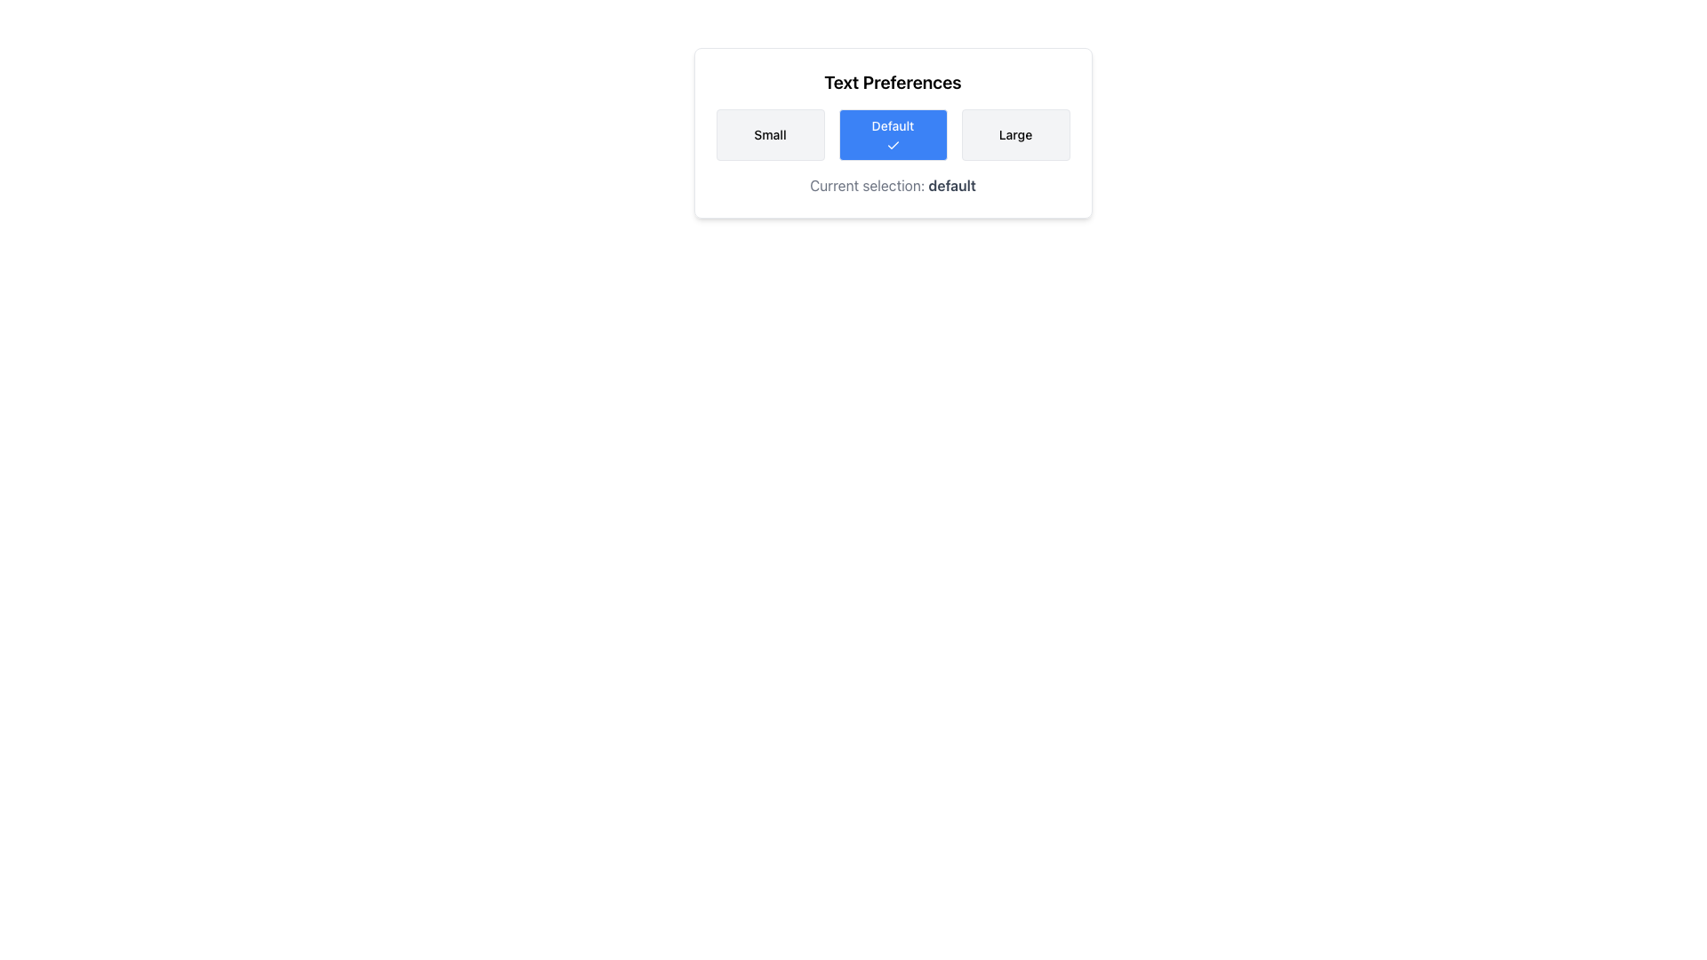  Describe the element at coordinates (770, 133) in the screenshot. I see `the 'Small' text size button, which is the first button in a row of three buttons` at that location.